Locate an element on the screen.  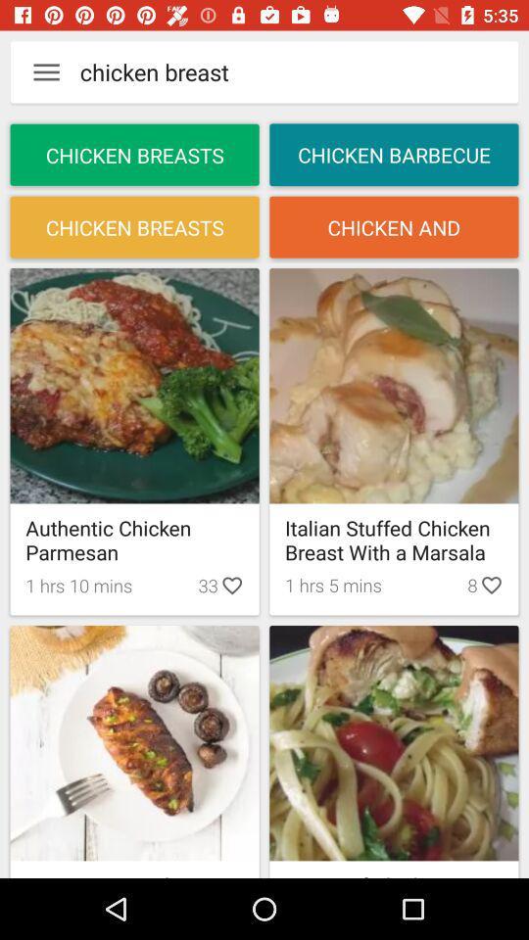
image below orange button is located at coordinates (394, 385).